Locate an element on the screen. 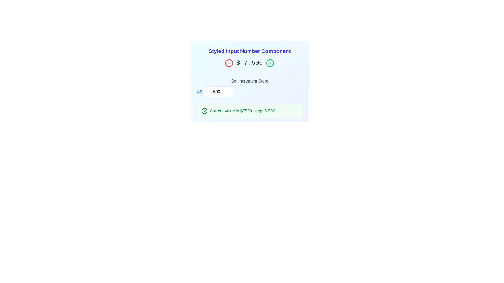  the text-based informational element displaying the current value and step information for a numerical input component, located at the bottom of the styled card component beneath the 'Set Increment Step:' section is located at coordinates (249, 111).